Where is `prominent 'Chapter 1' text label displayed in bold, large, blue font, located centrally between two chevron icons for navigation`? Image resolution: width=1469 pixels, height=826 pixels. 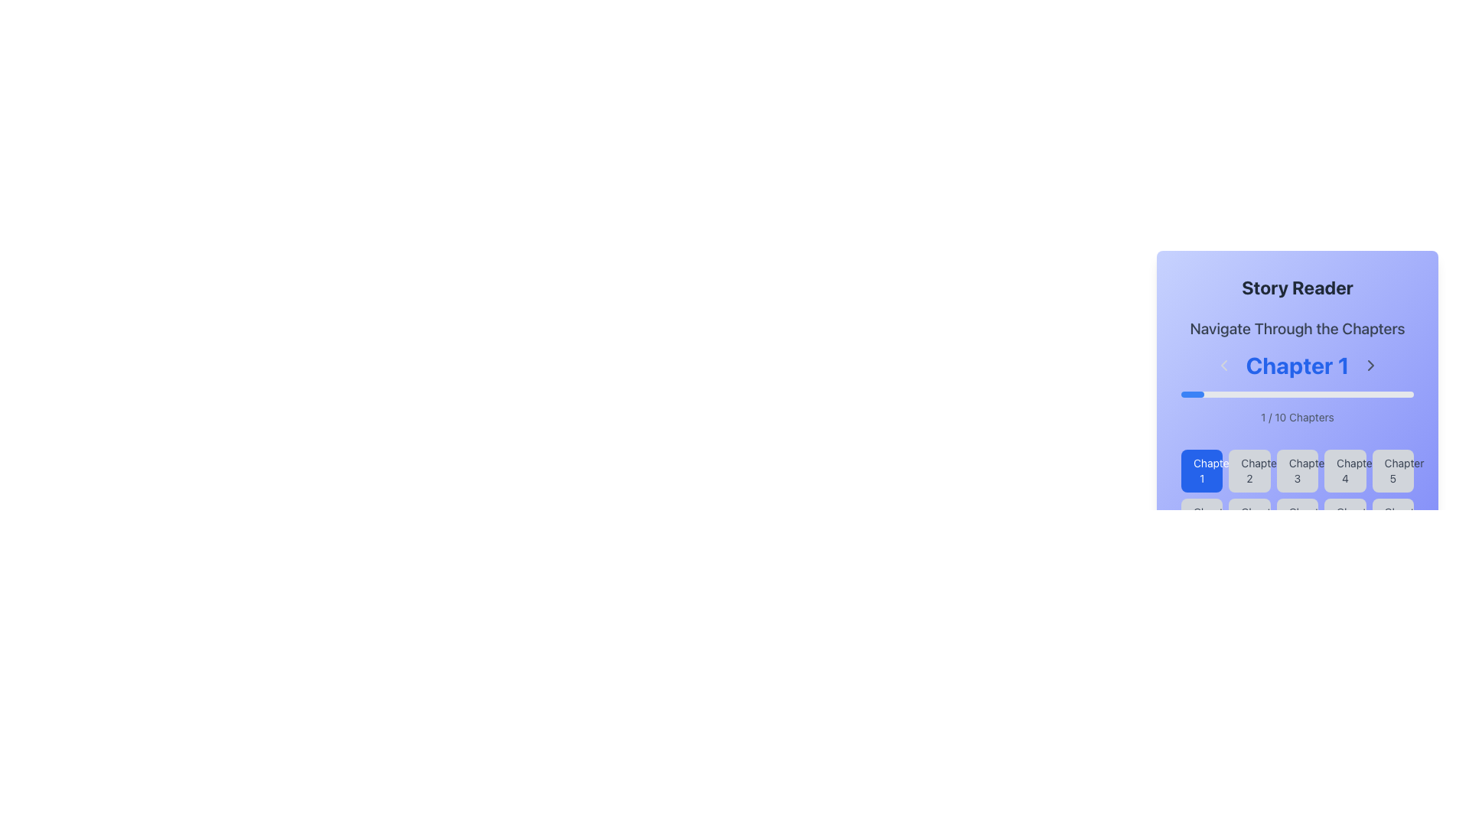
prominent 'Chapter 1' text label displayed in bold, large, blue font, located centrally between two chevron icons for navigation is located at coordinates (1296, 366).